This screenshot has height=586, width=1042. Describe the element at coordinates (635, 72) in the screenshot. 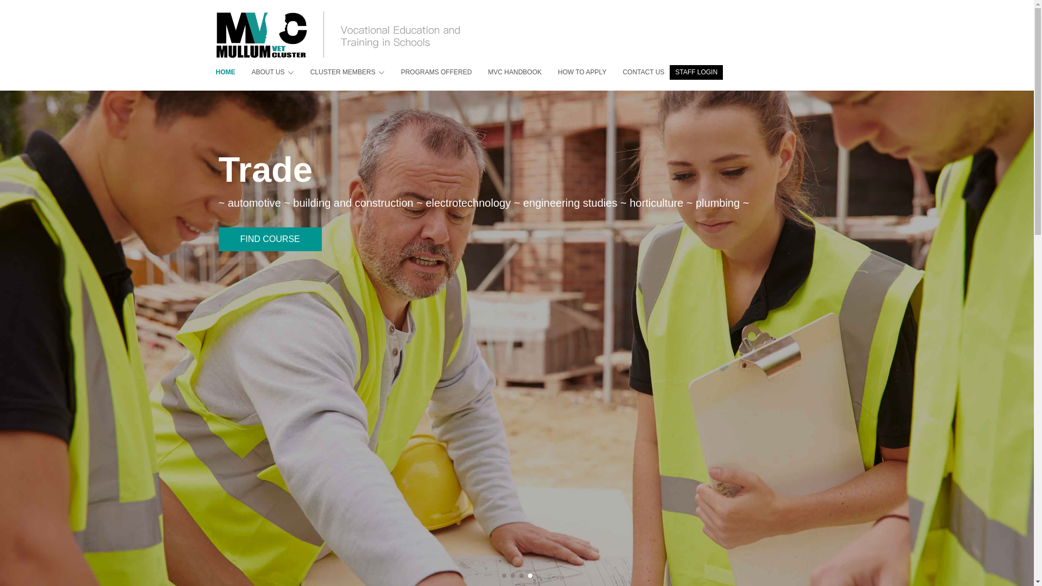

I see `'CONTACT US'` at that location.